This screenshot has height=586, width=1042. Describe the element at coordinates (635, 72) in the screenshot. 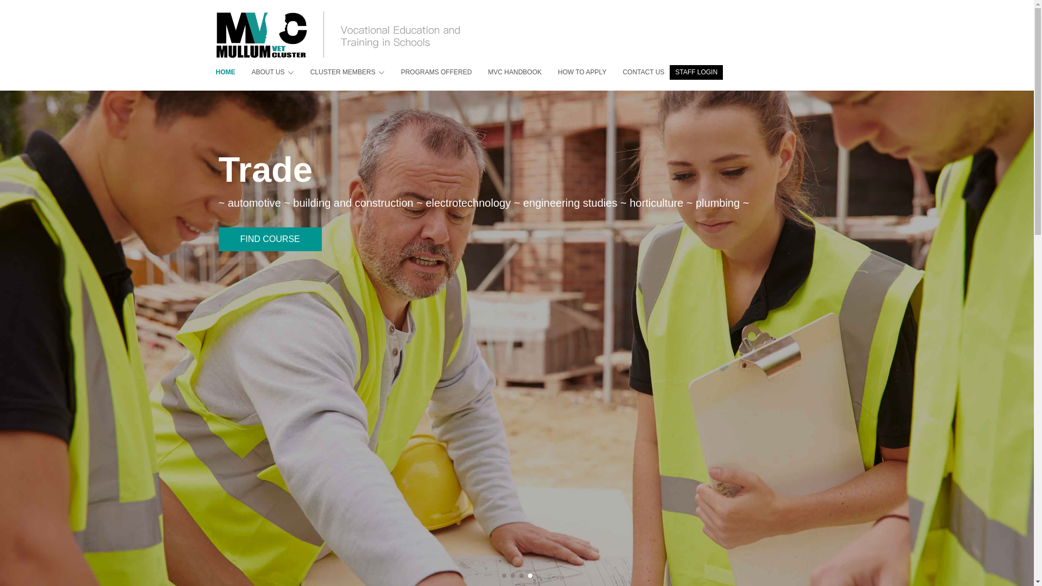

I see `'CONTACT US'` at that location.